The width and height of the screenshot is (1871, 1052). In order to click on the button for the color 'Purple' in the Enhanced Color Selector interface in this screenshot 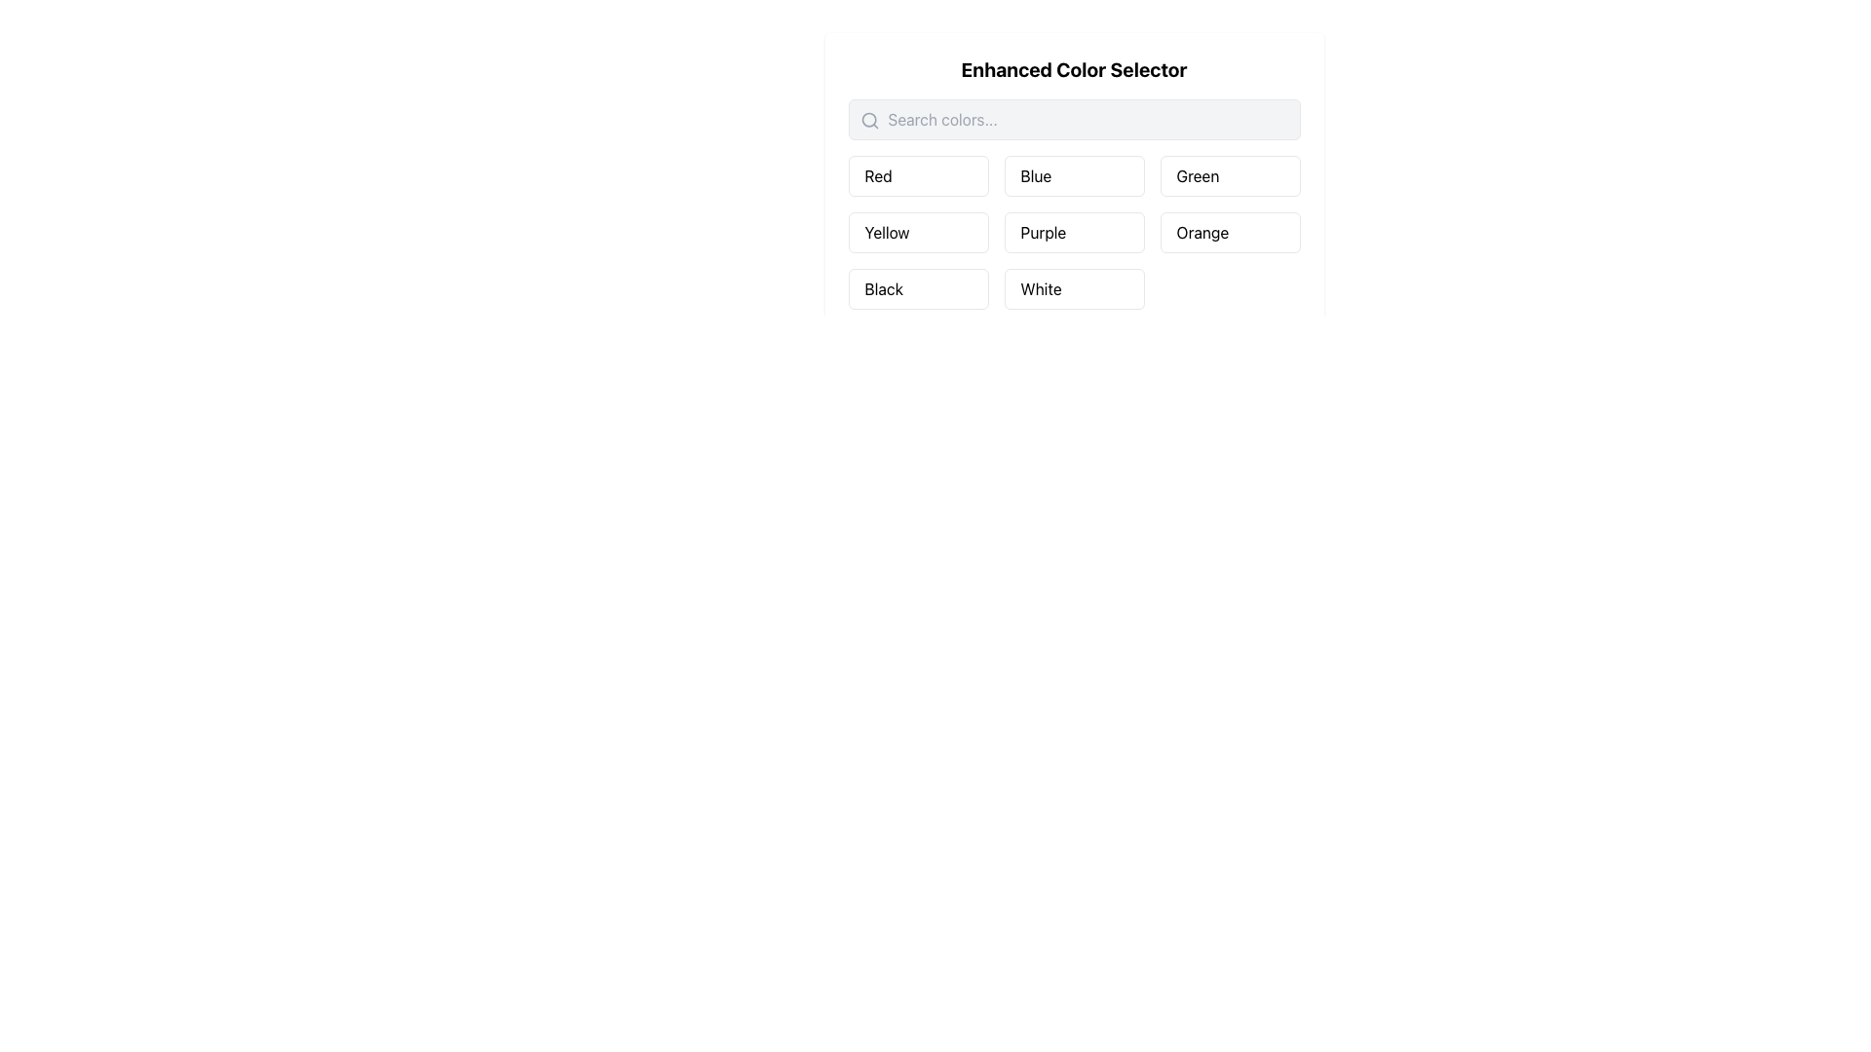, I will do `click(1073, 212)`.